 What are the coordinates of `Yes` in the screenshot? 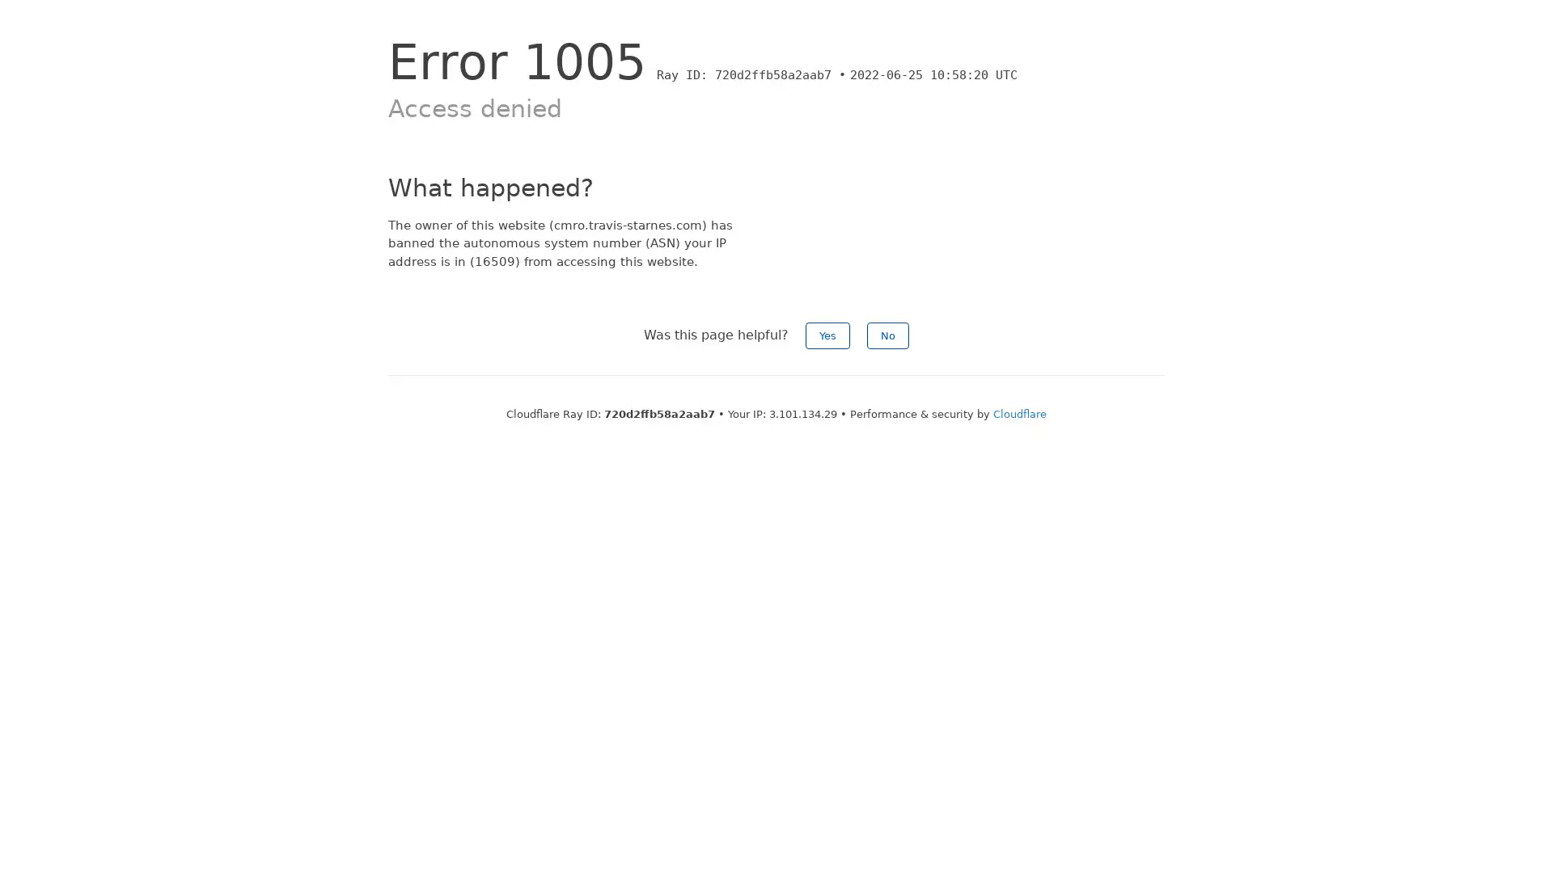 It's located at (827, 335).